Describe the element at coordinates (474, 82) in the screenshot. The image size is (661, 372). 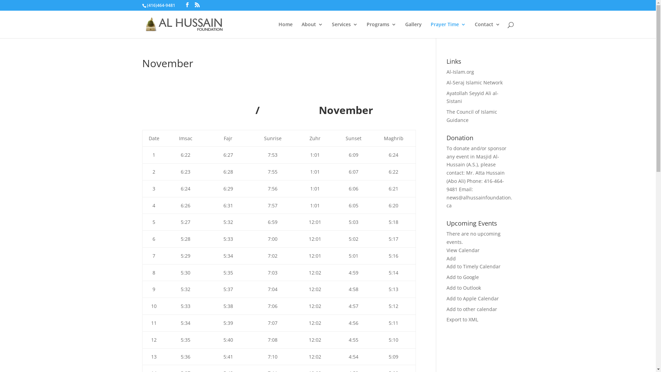
I see `'Al-Seraj Islamic Network'` at that location.